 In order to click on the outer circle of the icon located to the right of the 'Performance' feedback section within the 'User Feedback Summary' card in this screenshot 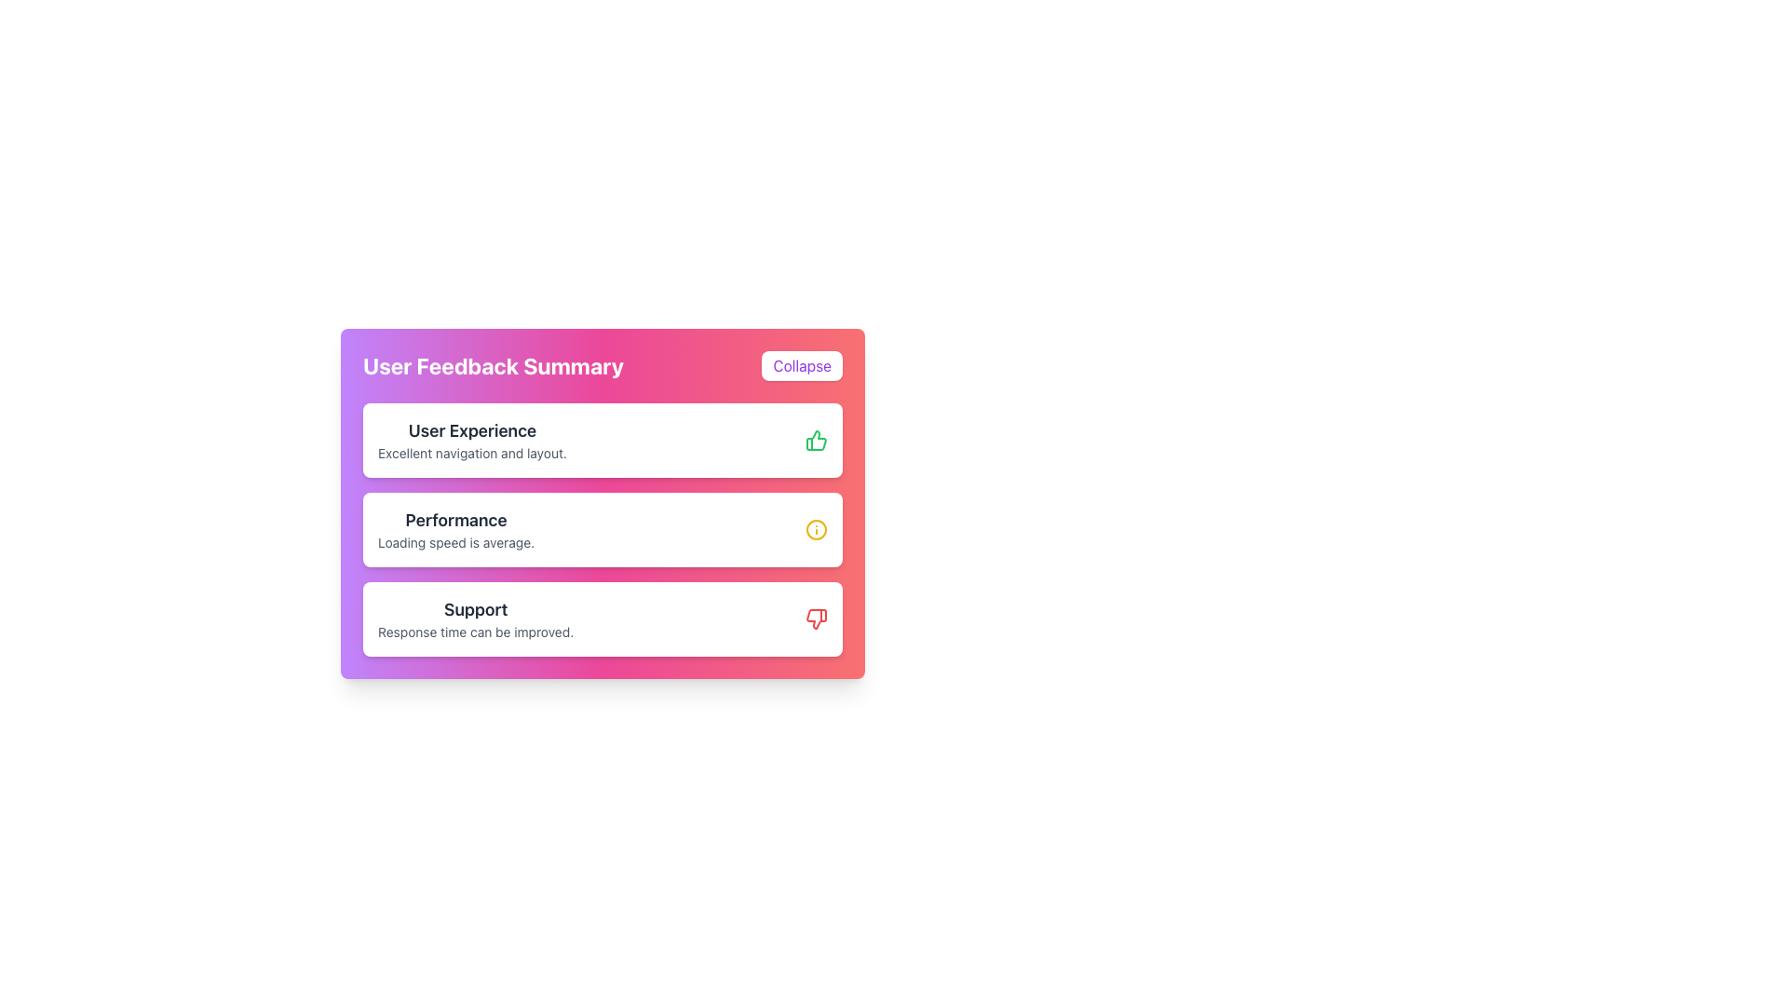, I will do `click(817, 530)`.